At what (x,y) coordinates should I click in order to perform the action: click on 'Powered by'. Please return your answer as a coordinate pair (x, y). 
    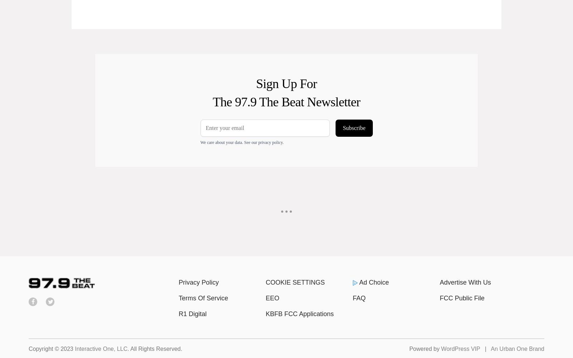
    Looking at the image, I should click on (425, 348).